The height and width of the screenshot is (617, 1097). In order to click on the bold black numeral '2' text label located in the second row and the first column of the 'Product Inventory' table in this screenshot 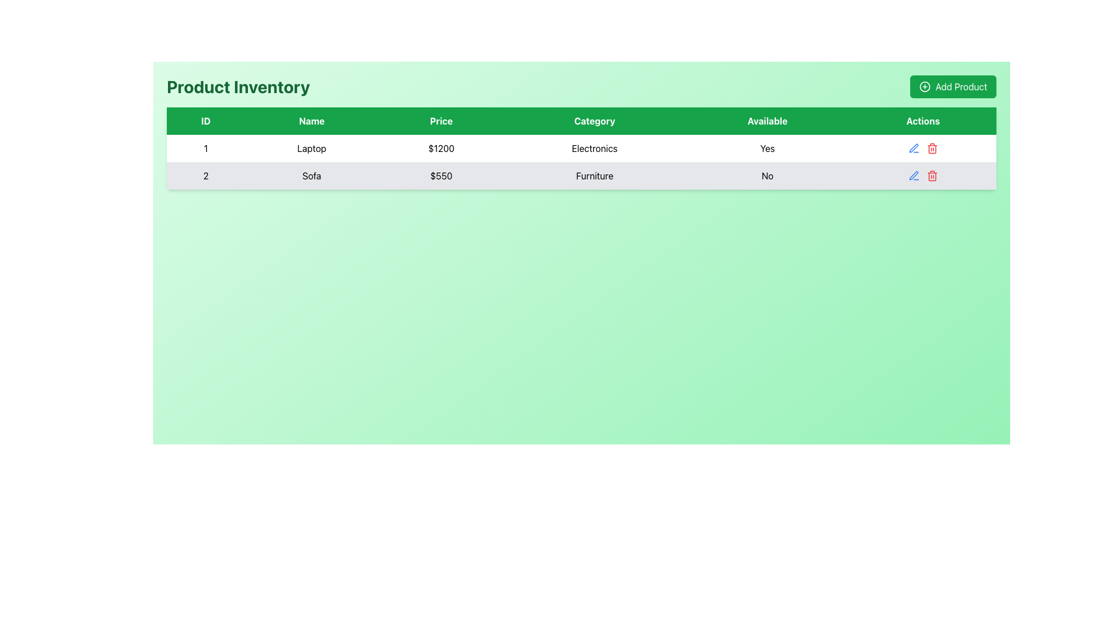, I will do `click(206, 176)`.